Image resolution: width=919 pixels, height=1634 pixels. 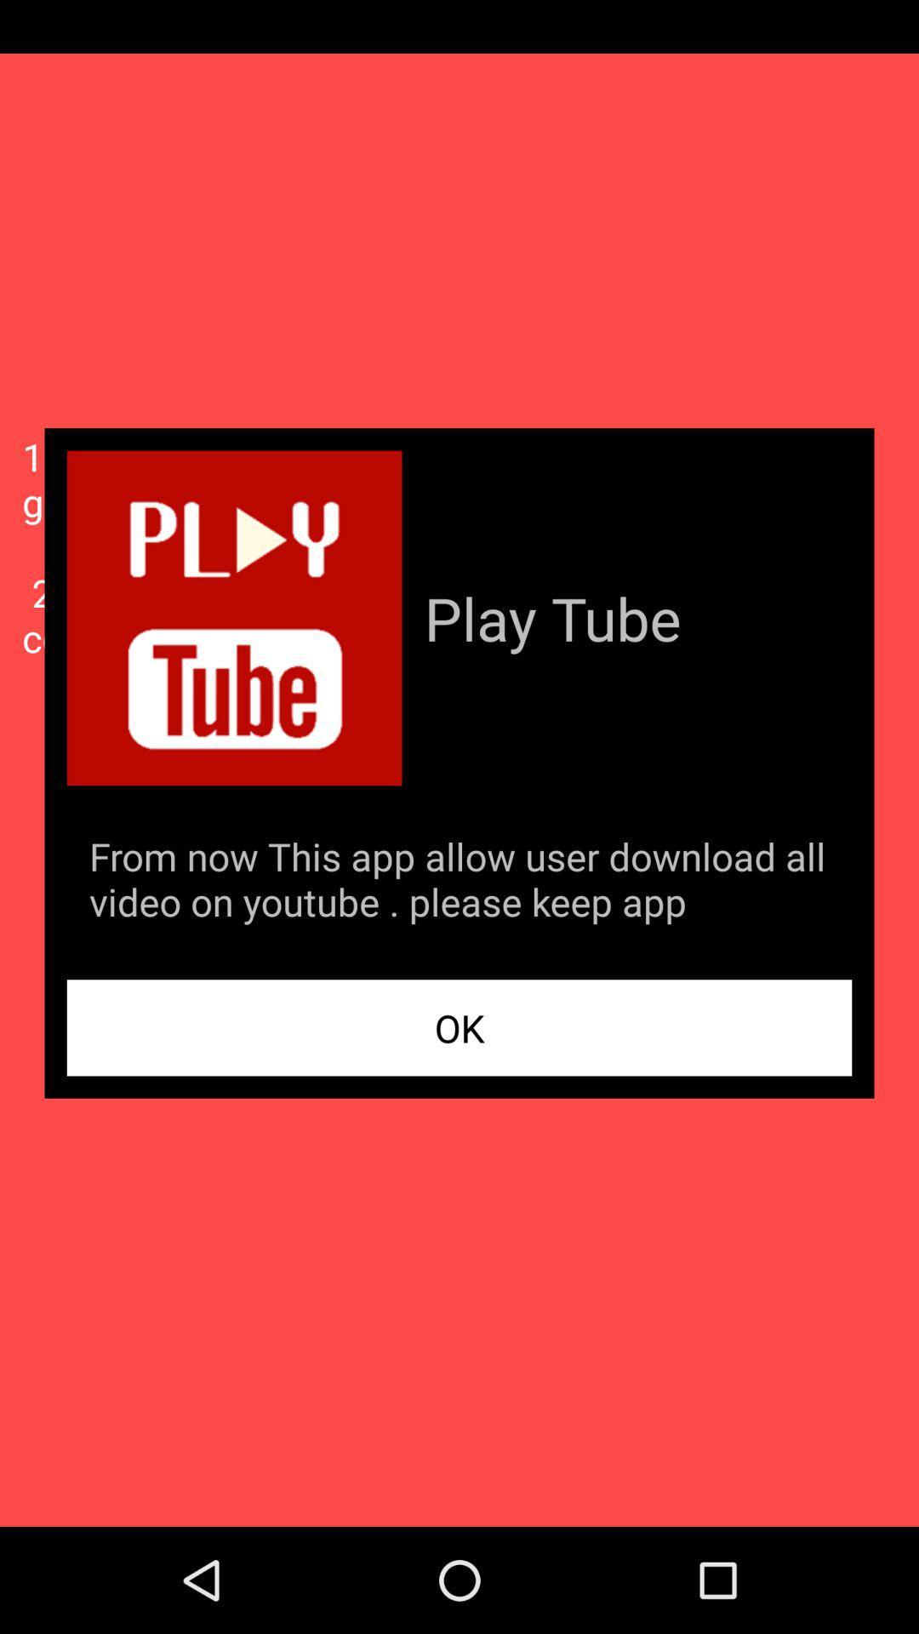 I want to click on from now this, so click(x=459, y=883).